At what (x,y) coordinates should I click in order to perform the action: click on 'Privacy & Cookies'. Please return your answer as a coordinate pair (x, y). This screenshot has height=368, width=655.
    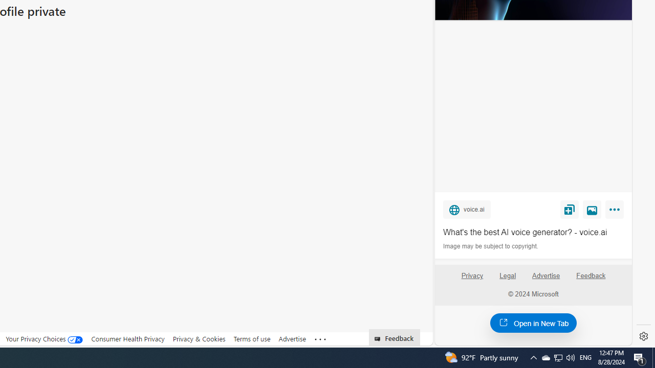
    Looking at the image, I should click on (199, 338).